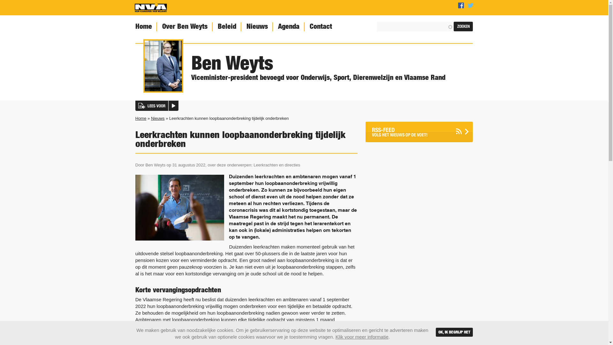 The width and height of the screenshot is (613, 345). I want to click on 'Home', so click(150, 7).